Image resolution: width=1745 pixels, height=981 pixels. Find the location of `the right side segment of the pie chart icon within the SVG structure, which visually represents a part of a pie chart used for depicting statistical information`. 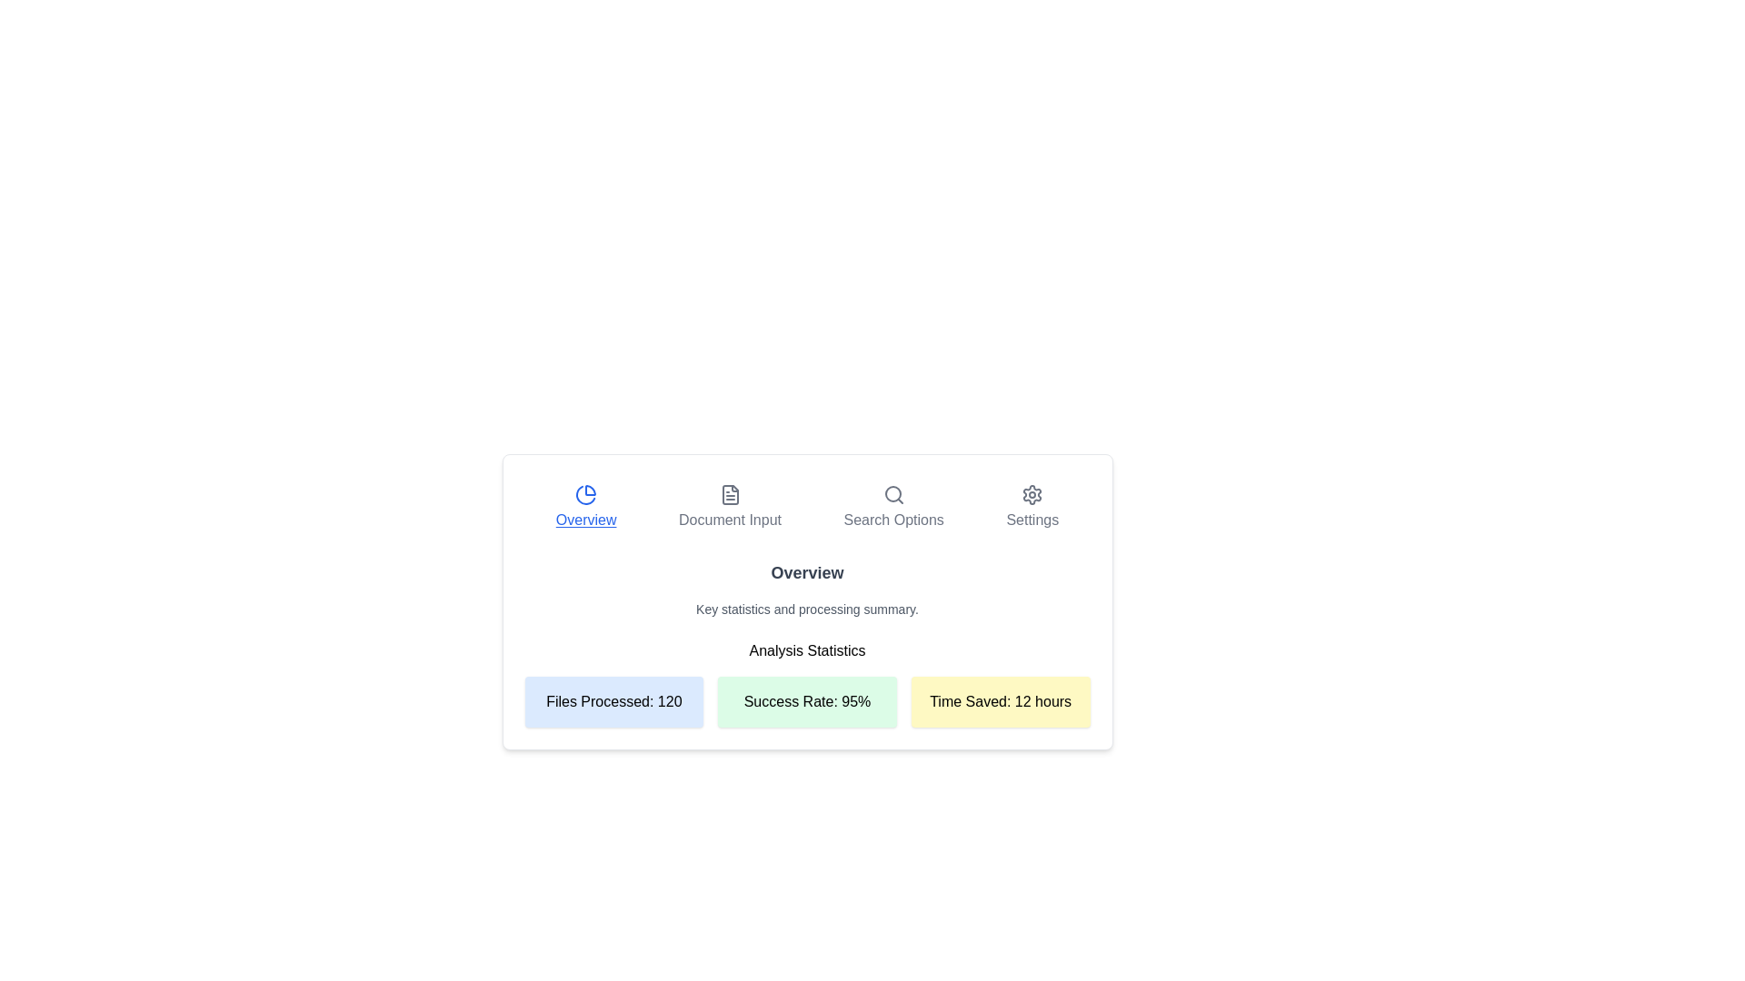

the right side segment of the pie chart icon within the SVG structure, which visually represents a part of a pie chart used for depicting statistical information is located at coordinates (591, 490).